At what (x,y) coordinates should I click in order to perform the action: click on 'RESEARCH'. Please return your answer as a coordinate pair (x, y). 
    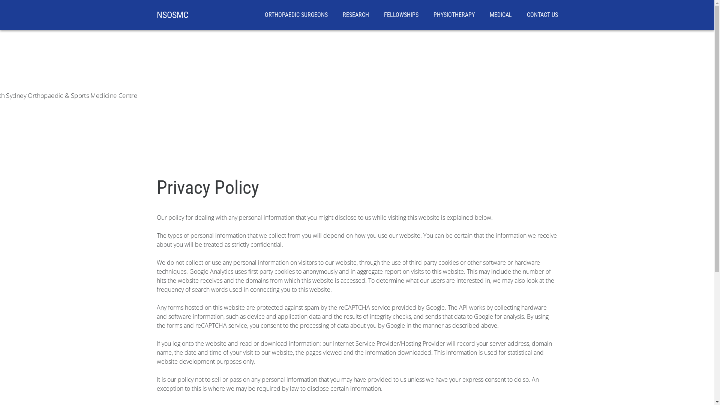
    Looking at the image, I should click on (355, 15).